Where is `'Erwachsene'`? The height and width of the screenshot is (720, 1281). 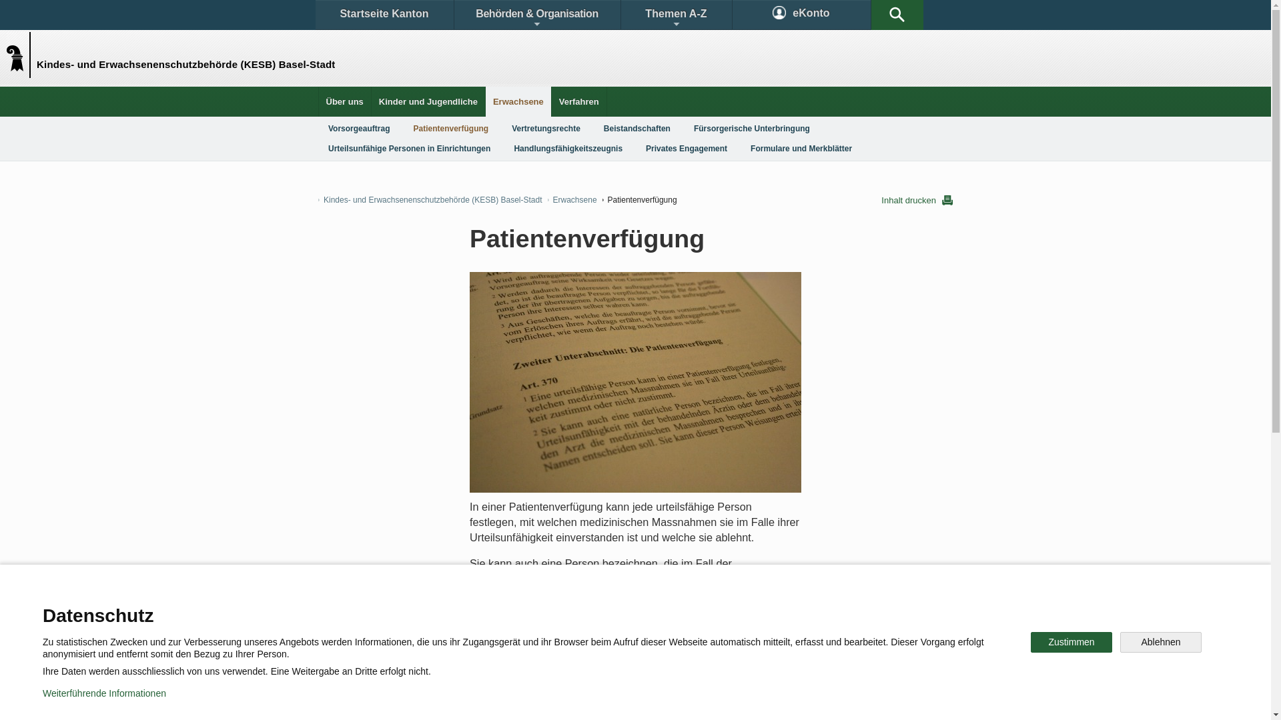 'Erwachsene' is located at coordinates (518, 101).